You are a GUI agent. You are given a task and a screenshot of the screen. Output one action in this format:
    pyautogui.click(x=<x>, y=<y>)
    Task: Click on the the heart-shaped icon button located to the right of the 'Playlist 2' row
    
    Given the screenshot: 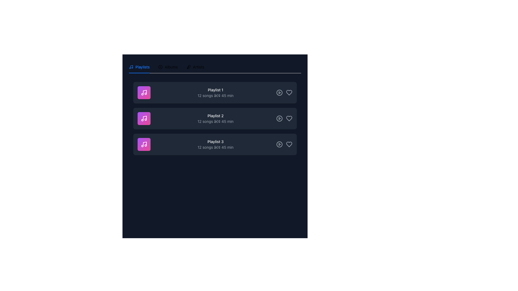 What is the action you would take?
    pyautogui.click(x=289, y=118)
    